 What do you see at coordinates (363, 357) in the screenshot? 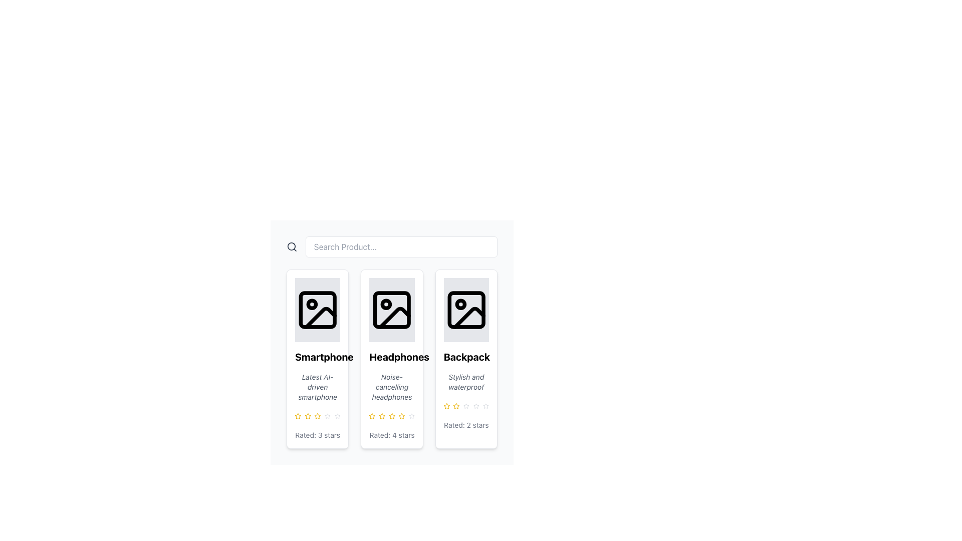
I see `the status representation of the green checkmark icon within the 'Headphones' product card, located in the title area below the image` at bounding box center [363, 357].